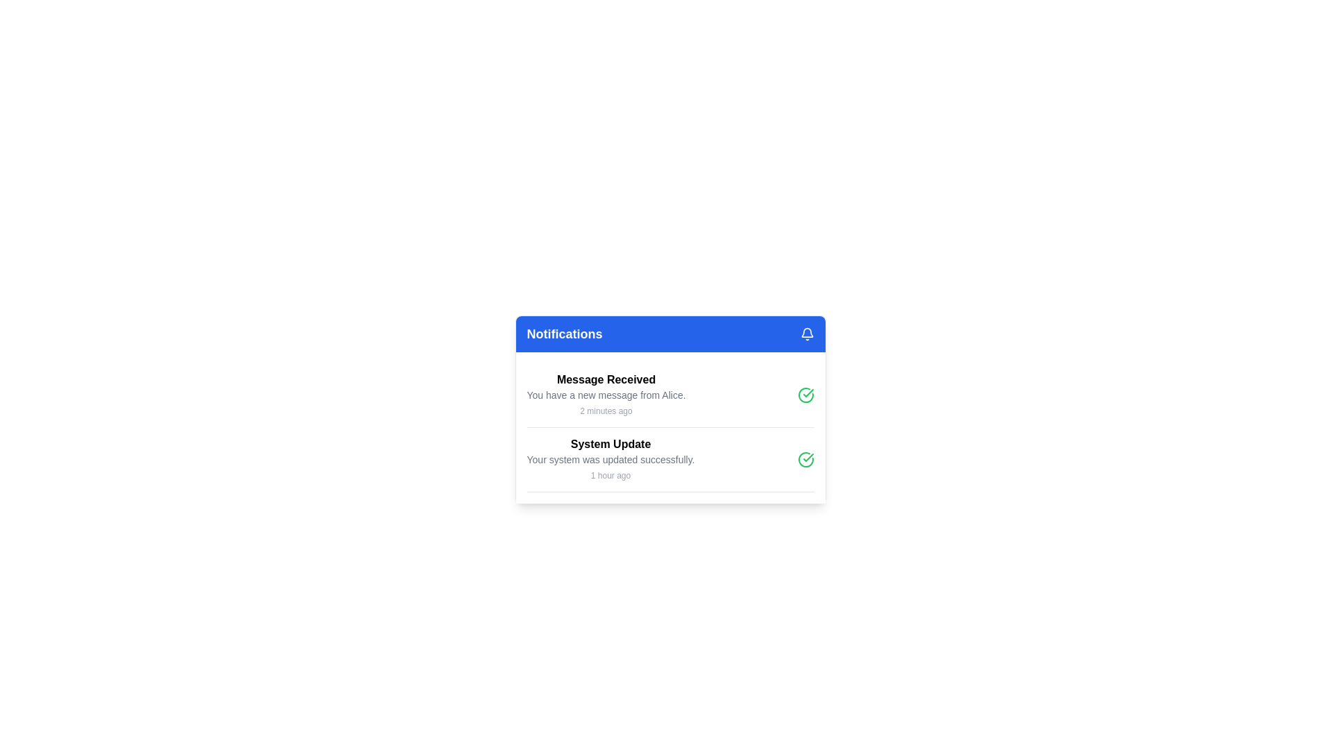 This screenshot has width=1332, height=749. I want to click on the blue stylized bell icon located in the top-right corner of the notification panel, so click(807, 332).